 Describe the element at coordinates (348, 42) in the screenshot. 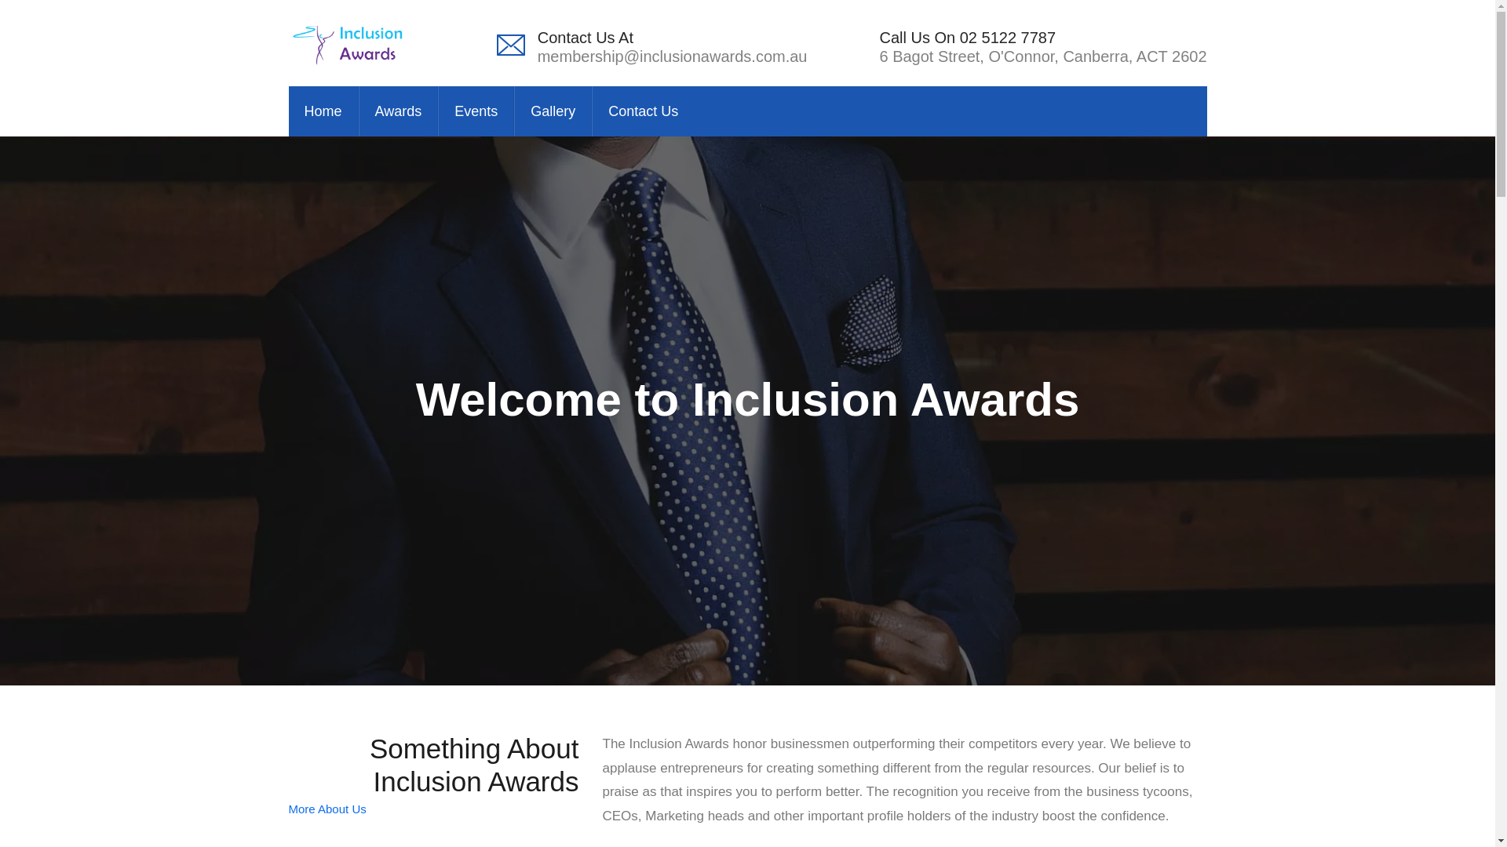

I see `'Inclusion Awards'` at that location.